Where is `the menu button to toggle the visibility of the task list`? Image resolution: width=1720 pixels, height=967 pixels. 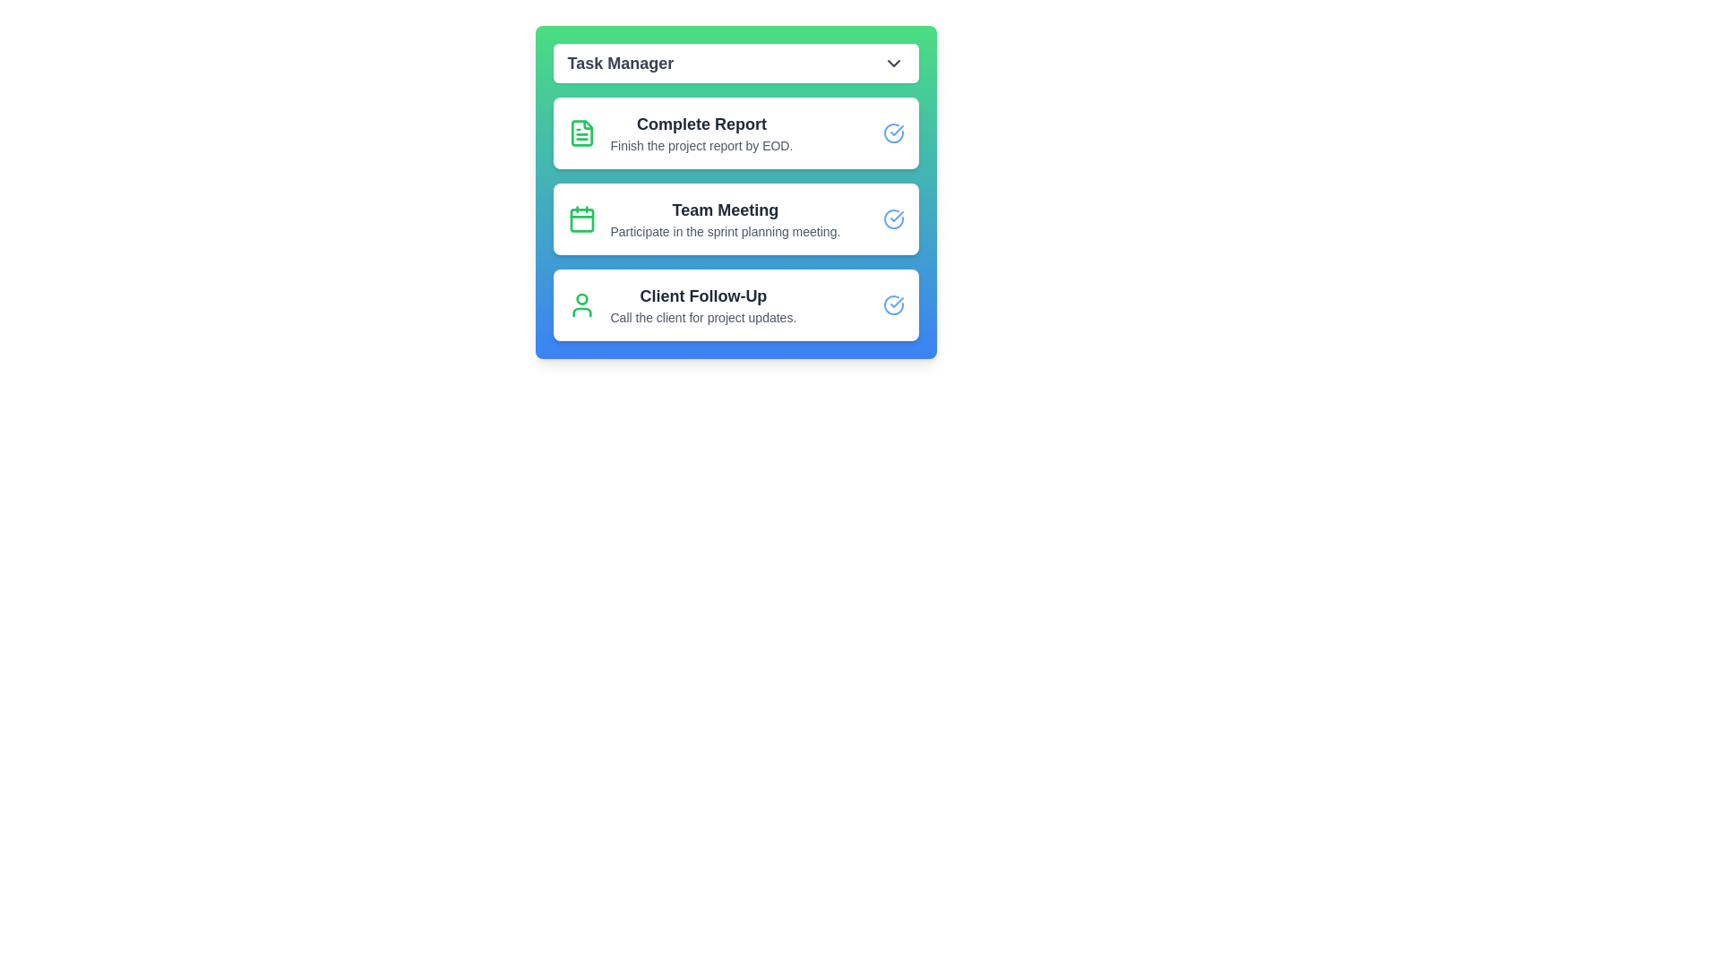
the menu button to toggle the visibility of the task list is located at coordinates (735, 62).